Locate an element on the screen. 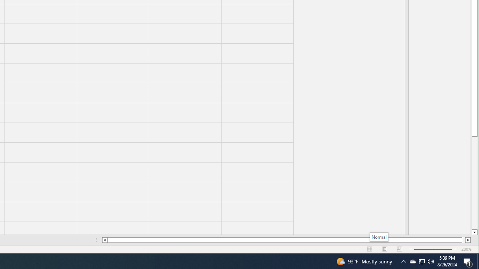  'Normal' is located at coordinates (379, 237).